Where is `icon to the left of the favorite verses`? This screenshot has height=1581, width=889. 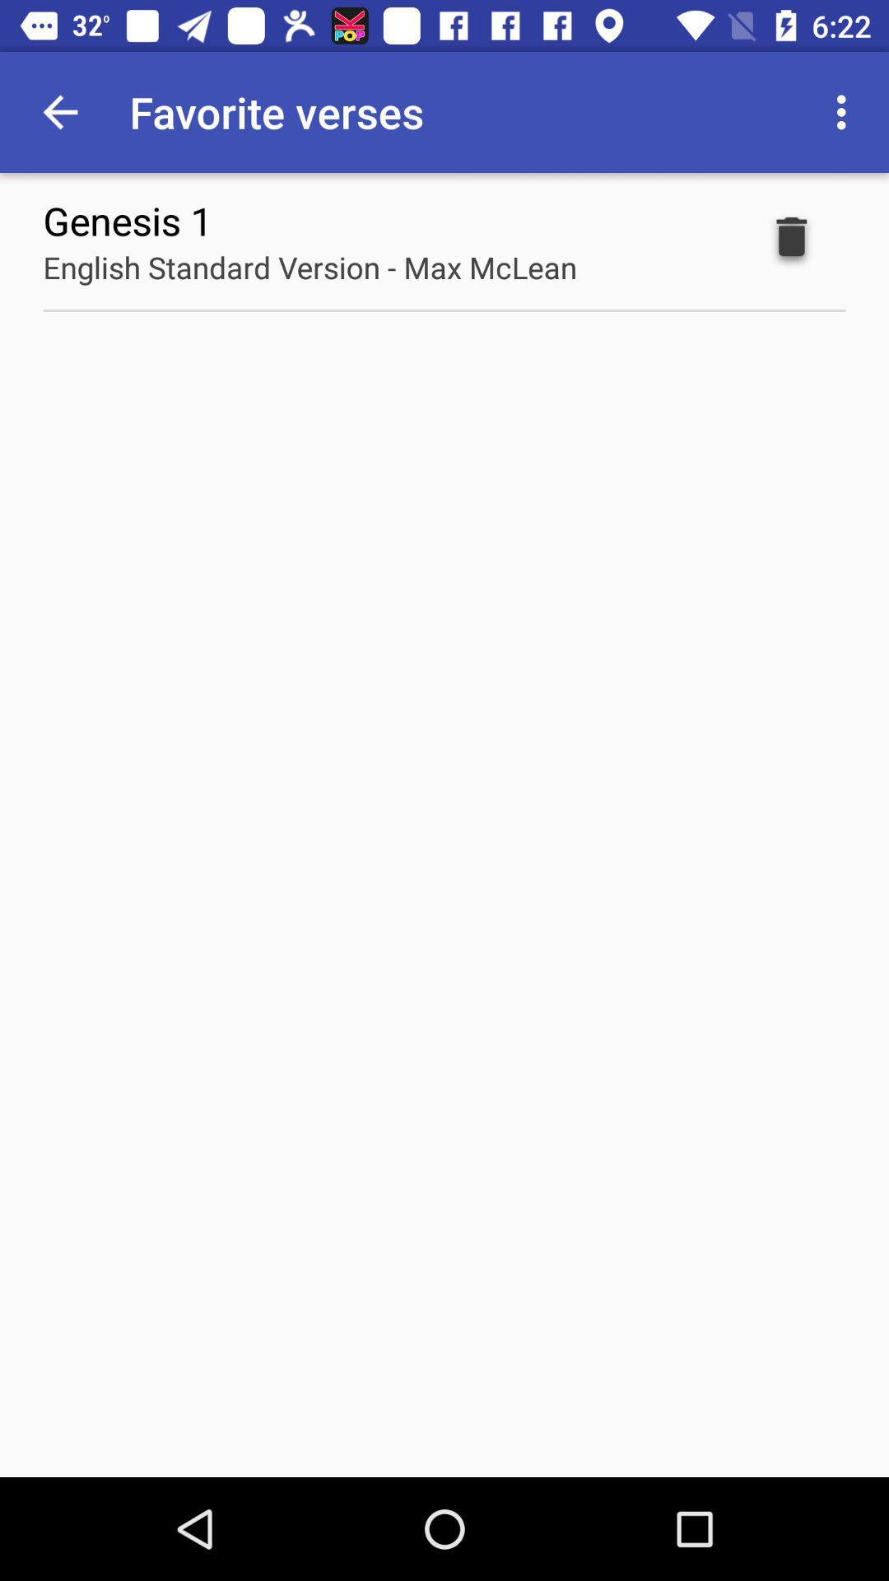 icon to the left of the favorite verses is located at coordinates (59, 111).